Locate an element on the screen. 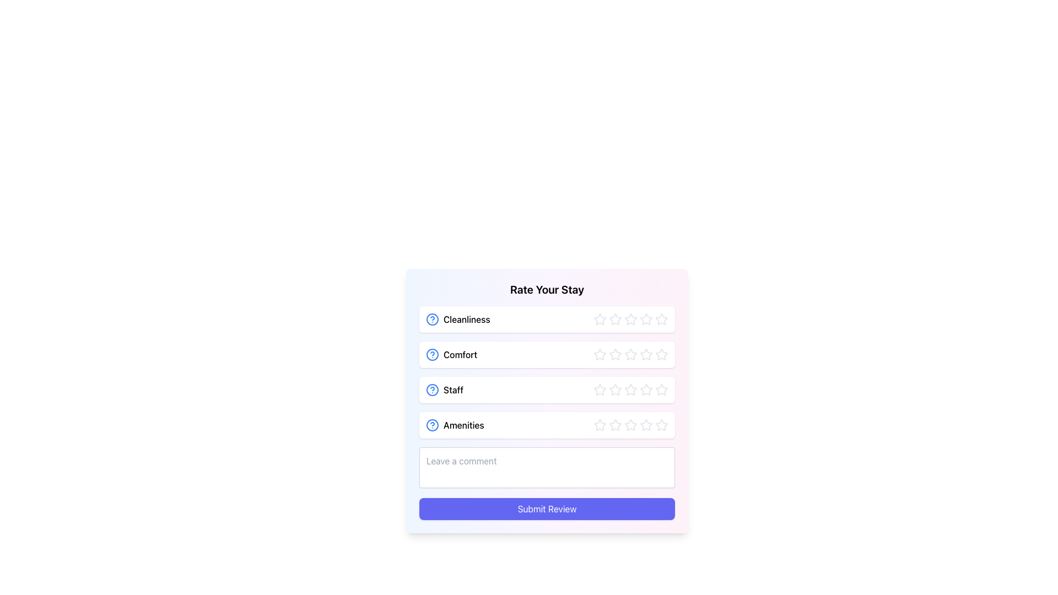  the fifth star in the third row of stars corresponding to the 'Staff' rating section, which is outlined in light gray is located at coordinates (661, 390).